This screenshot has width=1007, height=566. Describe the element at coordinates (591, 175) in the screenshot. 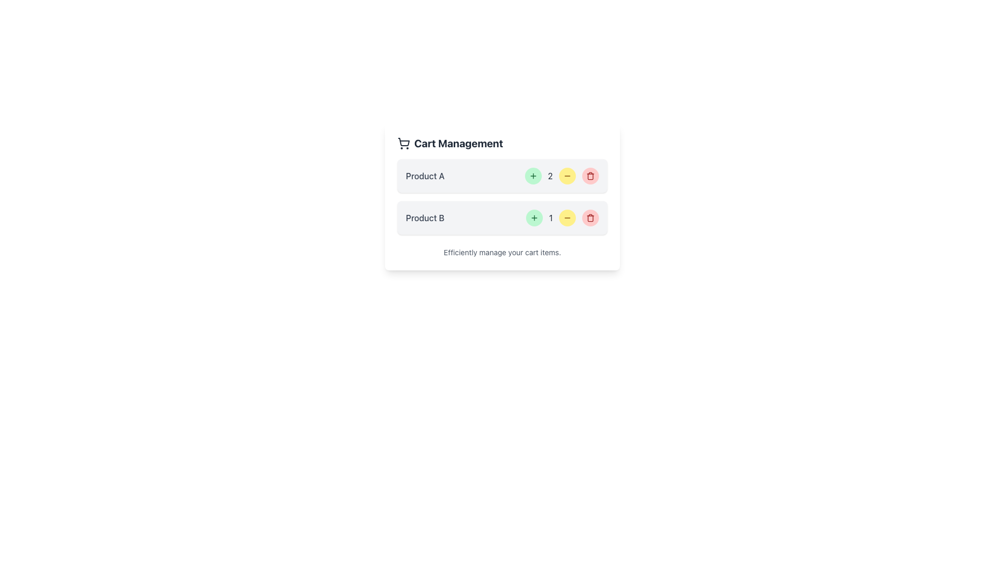

I see `the circular red button with a trash can icon` at that location.